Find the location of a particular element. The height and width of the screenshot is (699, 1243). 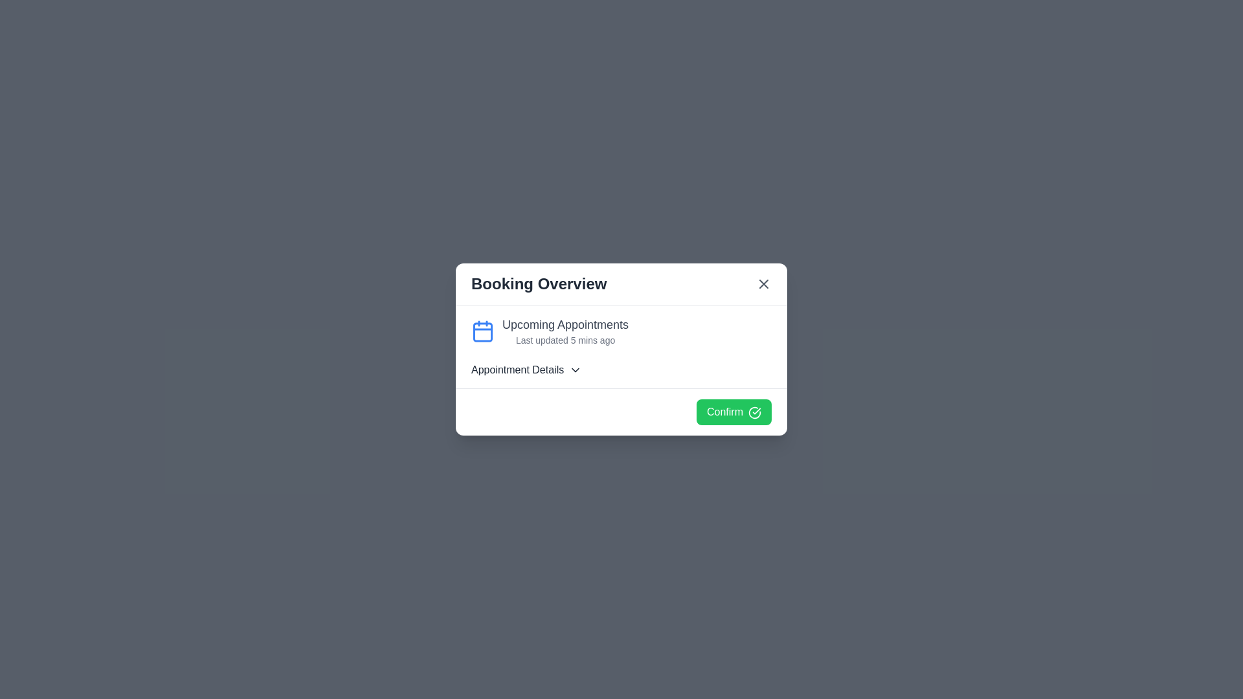

the green checkmark icon located to the right of the 'Confirm' button's text, which has a circular shape and a white checkmark inside is located at coordinates (755, 412).